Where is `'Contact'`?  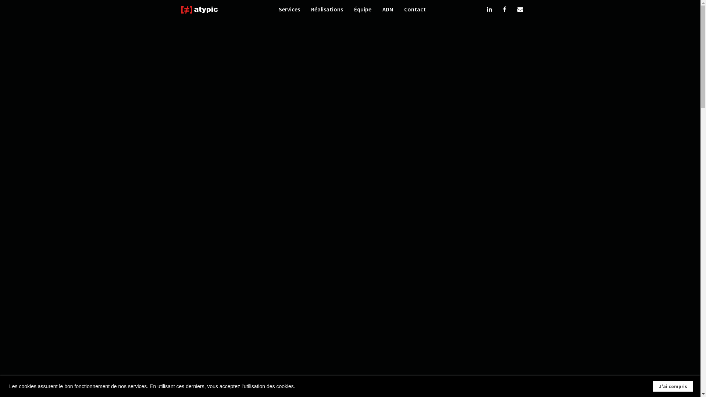 'Contact' is located at coordinates (415, 10).